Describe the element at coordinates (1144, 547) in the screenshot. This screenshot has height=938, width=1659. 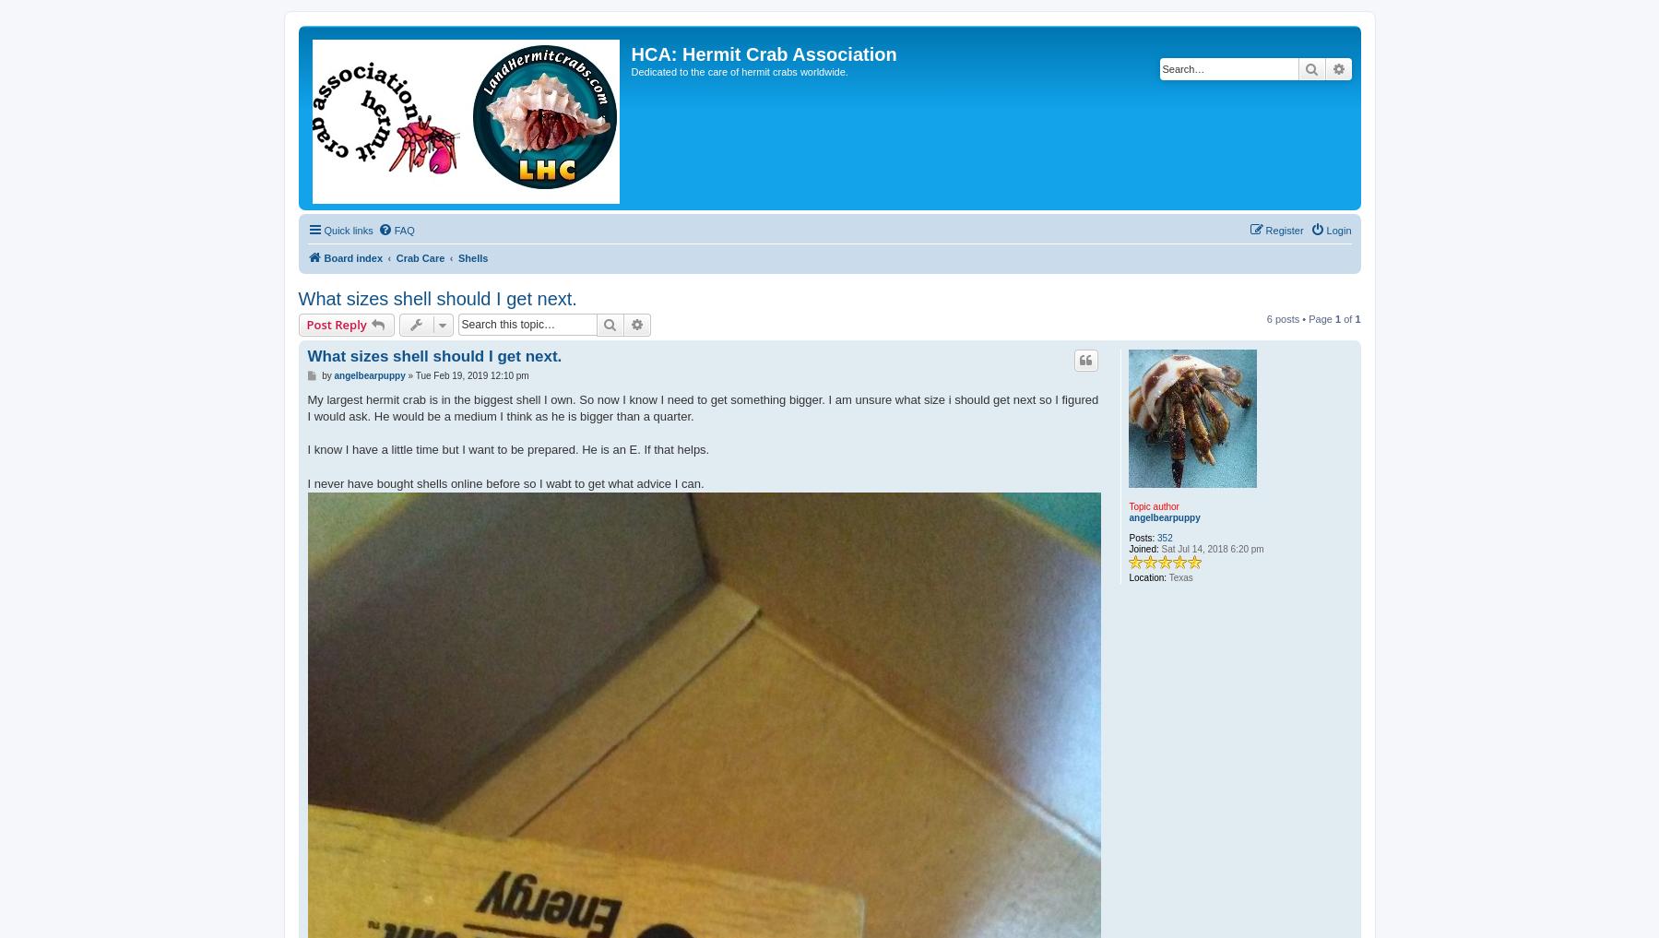
I see `'Joined:'` at that location.